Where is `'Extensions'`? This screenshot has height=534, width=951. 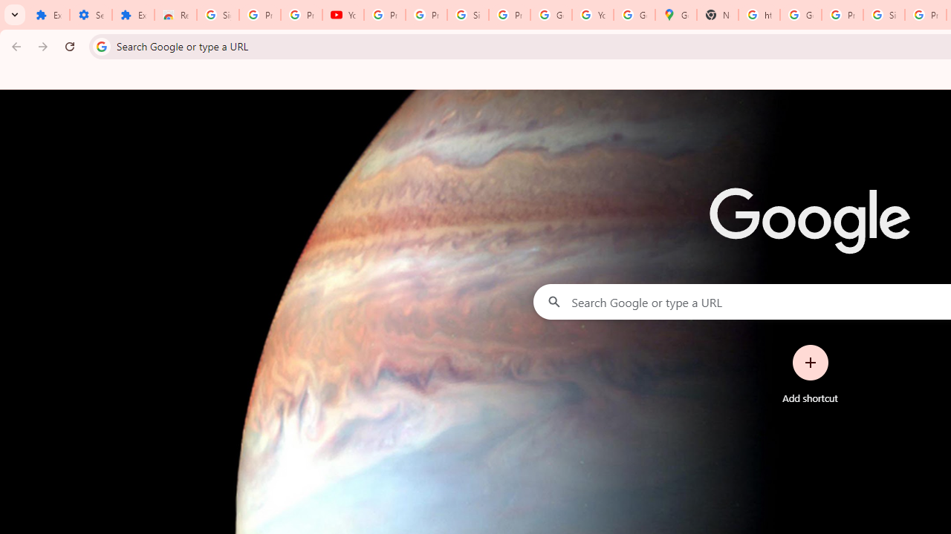 'Extensions' is located at coordinates (133, 15).